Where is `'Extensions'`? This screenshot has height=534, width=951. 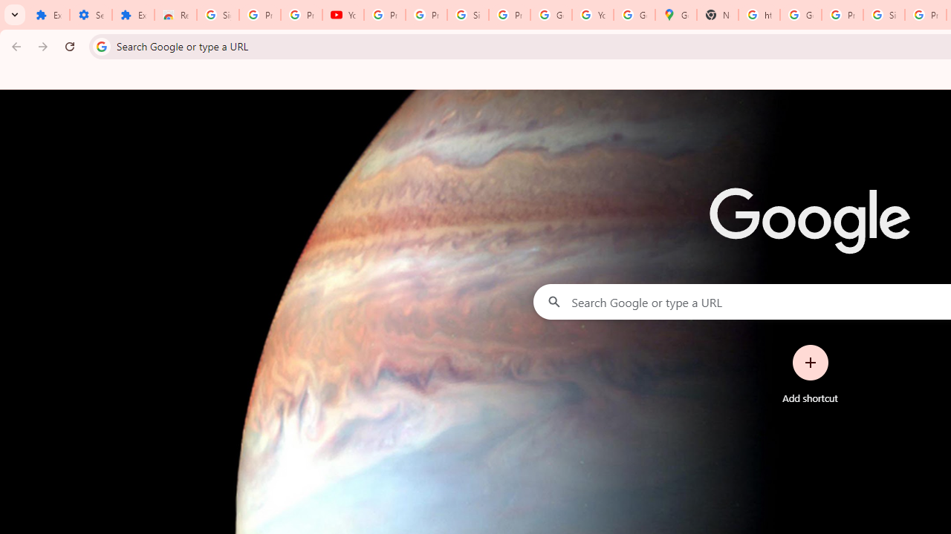 'Extensions' is located at coordinates (133, 15).